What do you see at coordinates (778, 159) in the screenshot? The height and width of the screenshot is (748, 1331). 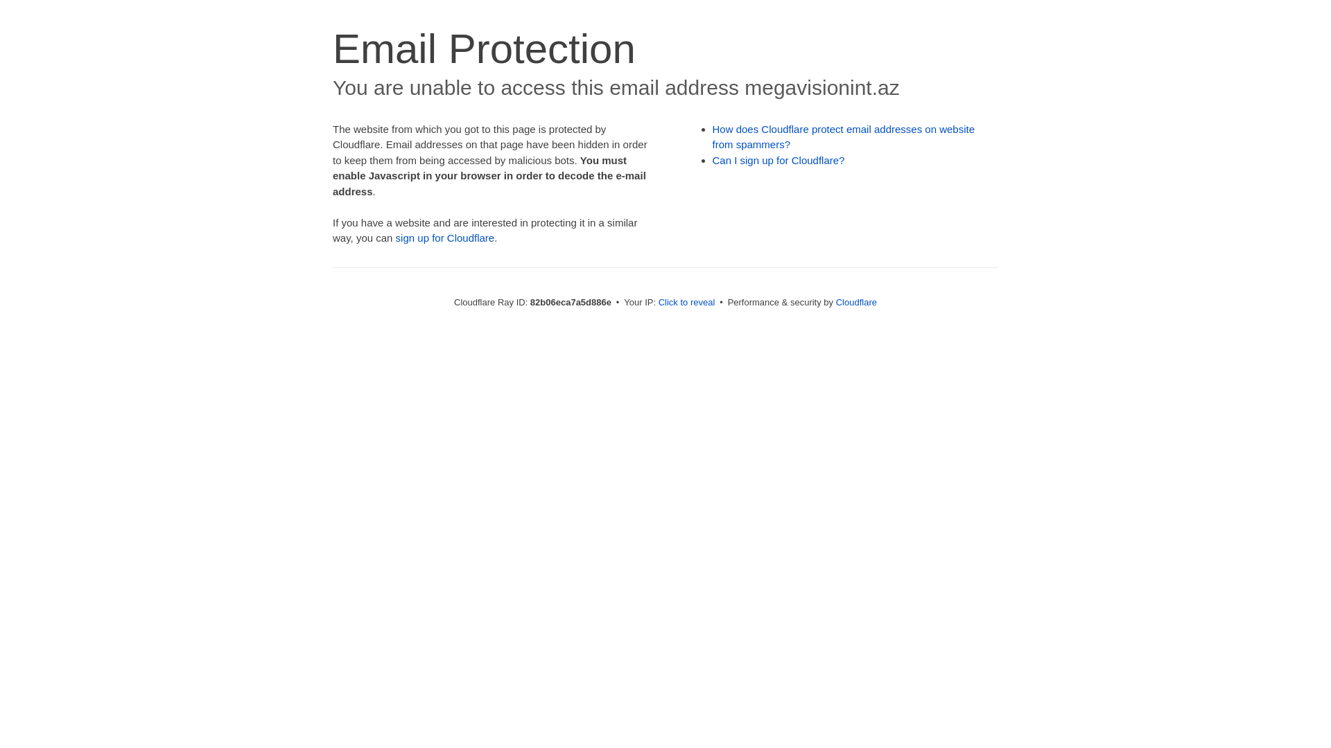 I see `'Can I sign up for Cloudflare?'` at bounding box center [778, 159].